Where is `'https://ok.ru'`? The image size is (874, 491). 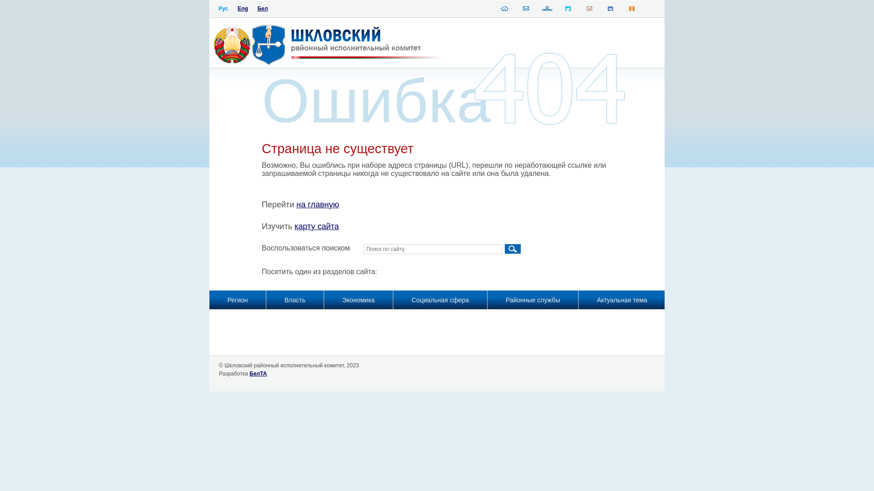 'https://ok.ru' is located at coordinates (631, 10).